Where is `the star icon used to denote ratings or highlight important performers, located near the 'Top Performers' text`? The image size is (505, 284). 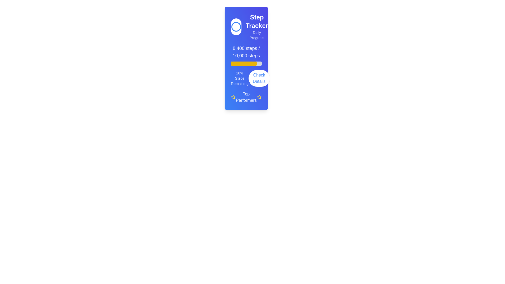
the star icon used to denote ratings or highlight important performers, located near the 'Top Performers' text is located at coordinates (259, 97).